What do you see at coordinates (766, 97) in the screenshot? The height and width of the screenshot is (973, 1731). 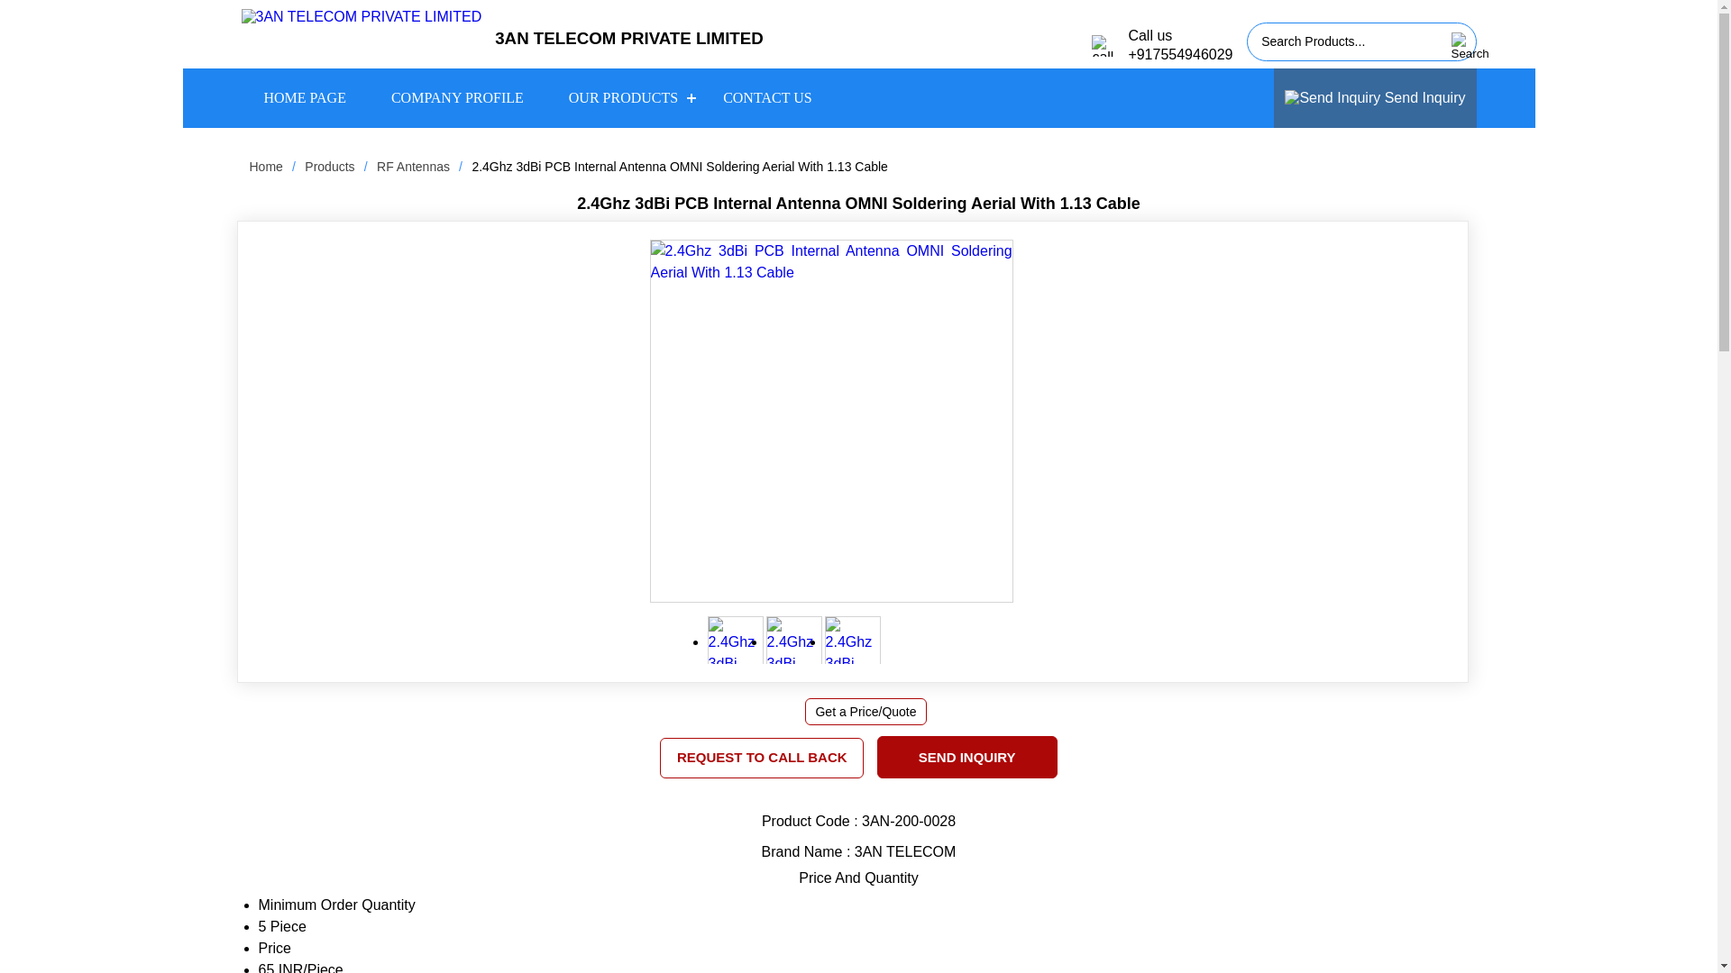 I see `'CONTACT US'` at bounding box center [766, 97].